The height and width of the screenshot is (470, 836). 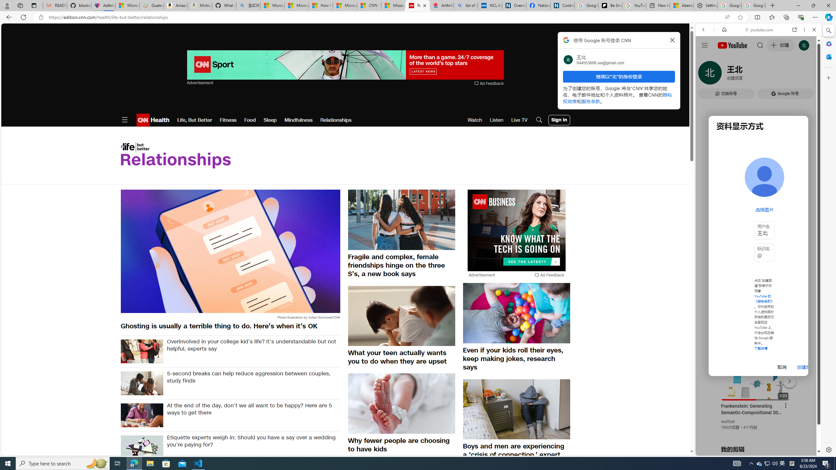 I want to click on 'WEB  ', so click(x=706, y=75).